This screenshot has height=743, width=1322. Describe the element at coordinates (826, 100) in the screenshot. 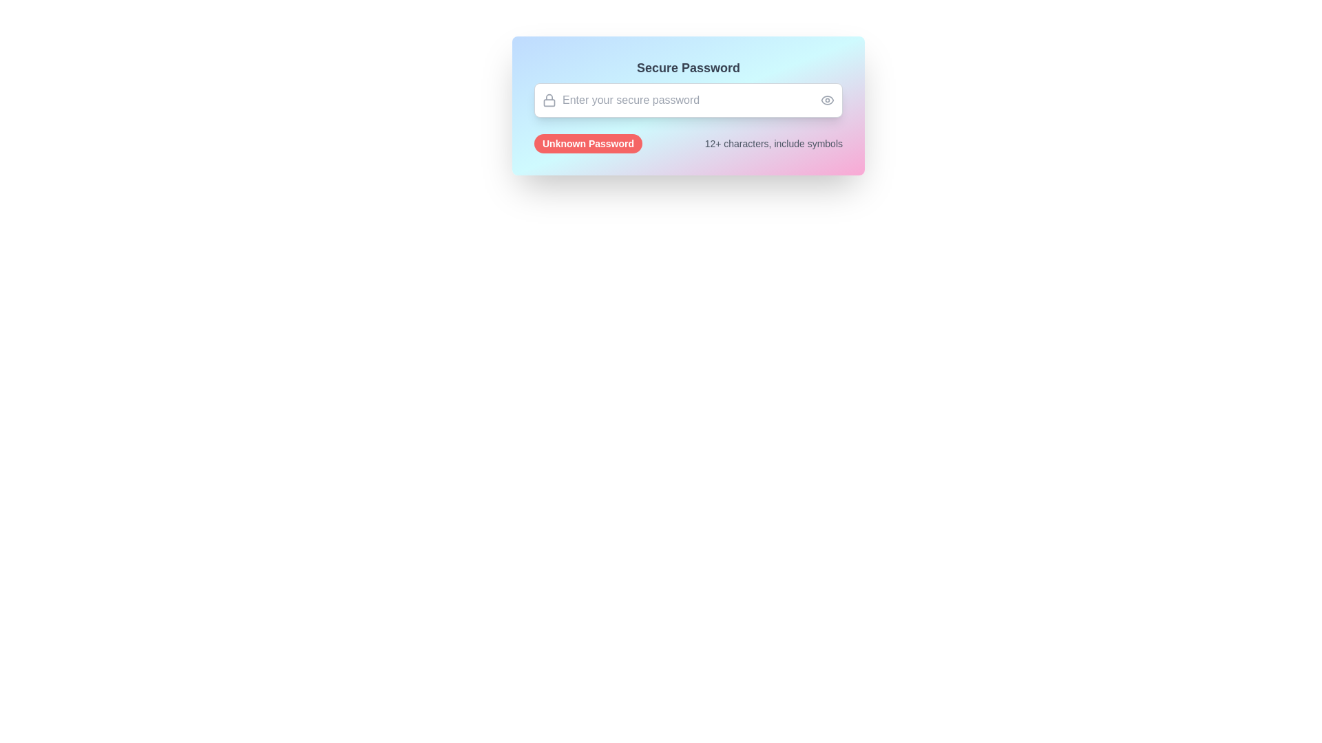

I see `the circular eye icon button located on the far right side of the password input field` at that location.